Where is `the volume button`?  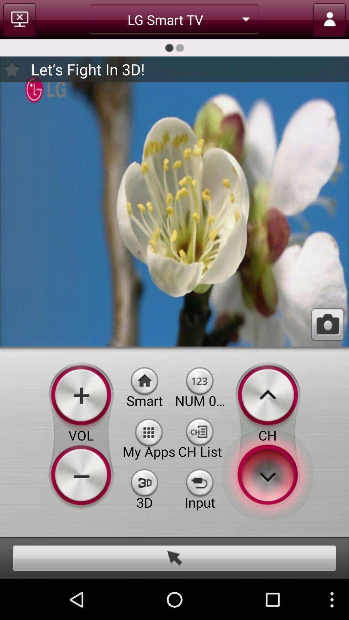 the volume button is located at coordinates (80, 435).